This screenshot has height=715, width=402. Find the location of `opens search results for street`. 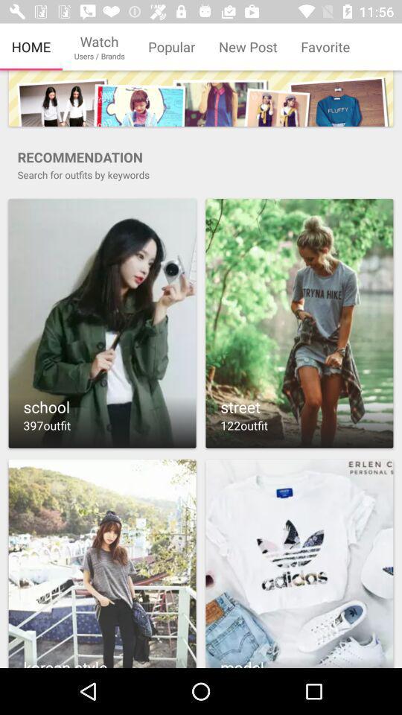

opens search results for street is located at coordinates (299, 323).